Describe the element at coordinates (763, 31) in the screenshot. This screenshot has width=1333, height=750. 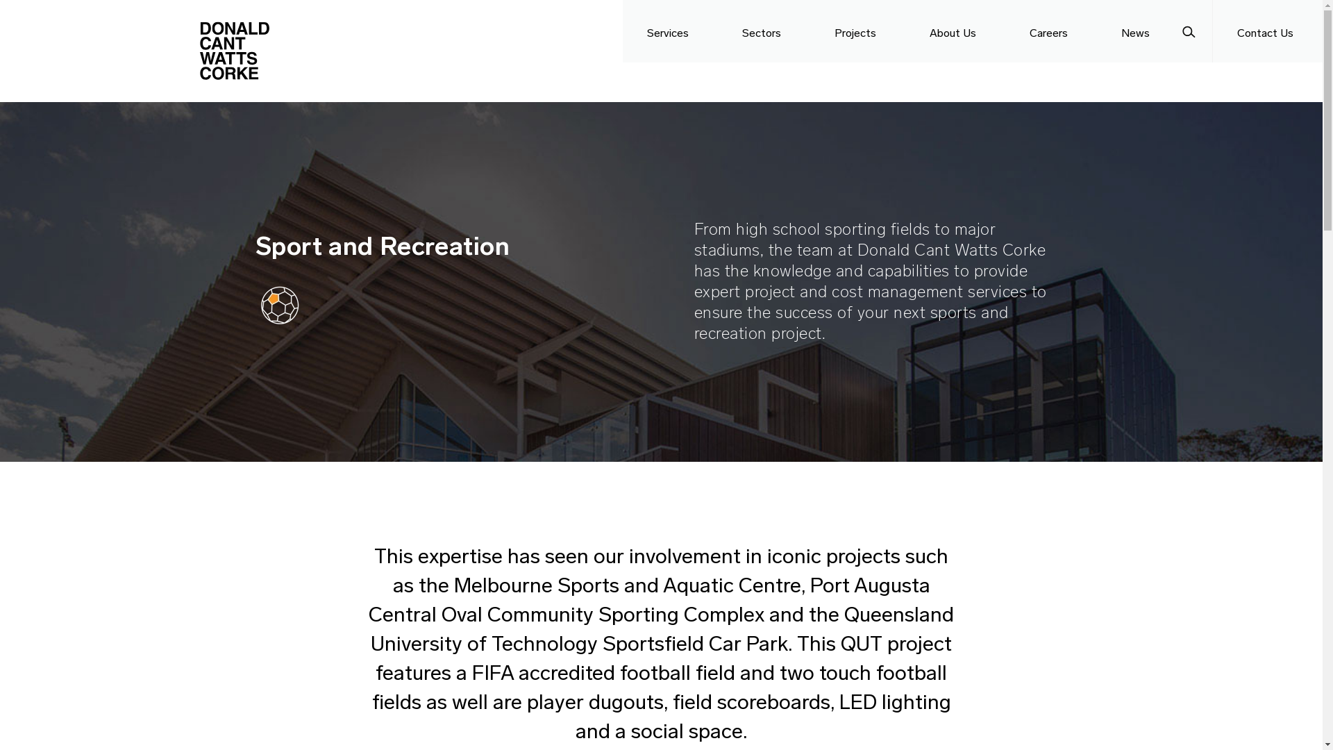
I see `'Sectors'` at that location.